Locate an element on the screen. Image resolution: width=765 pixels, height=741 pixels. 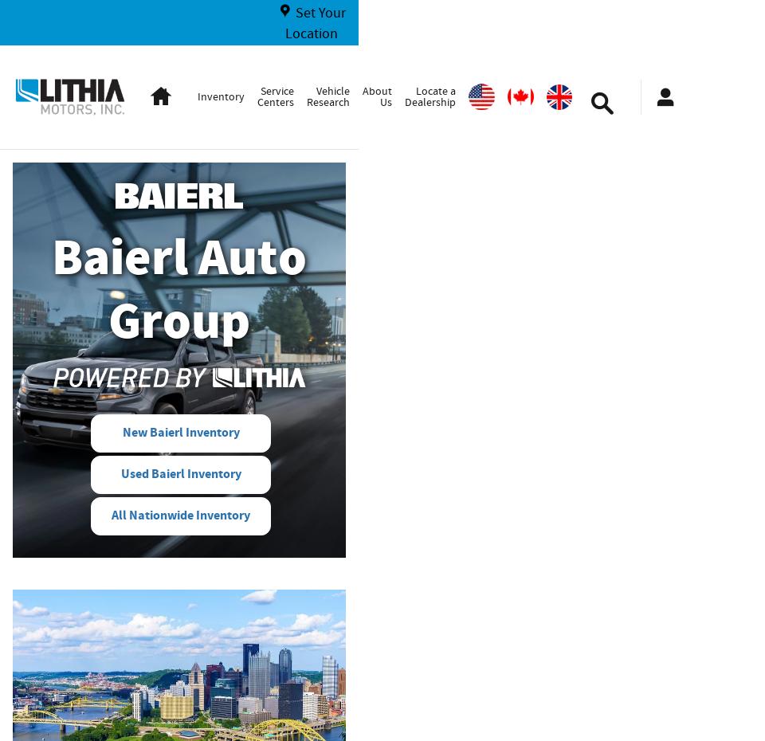
'All Nationwide Inventory' is located at coordinates (181, 515).